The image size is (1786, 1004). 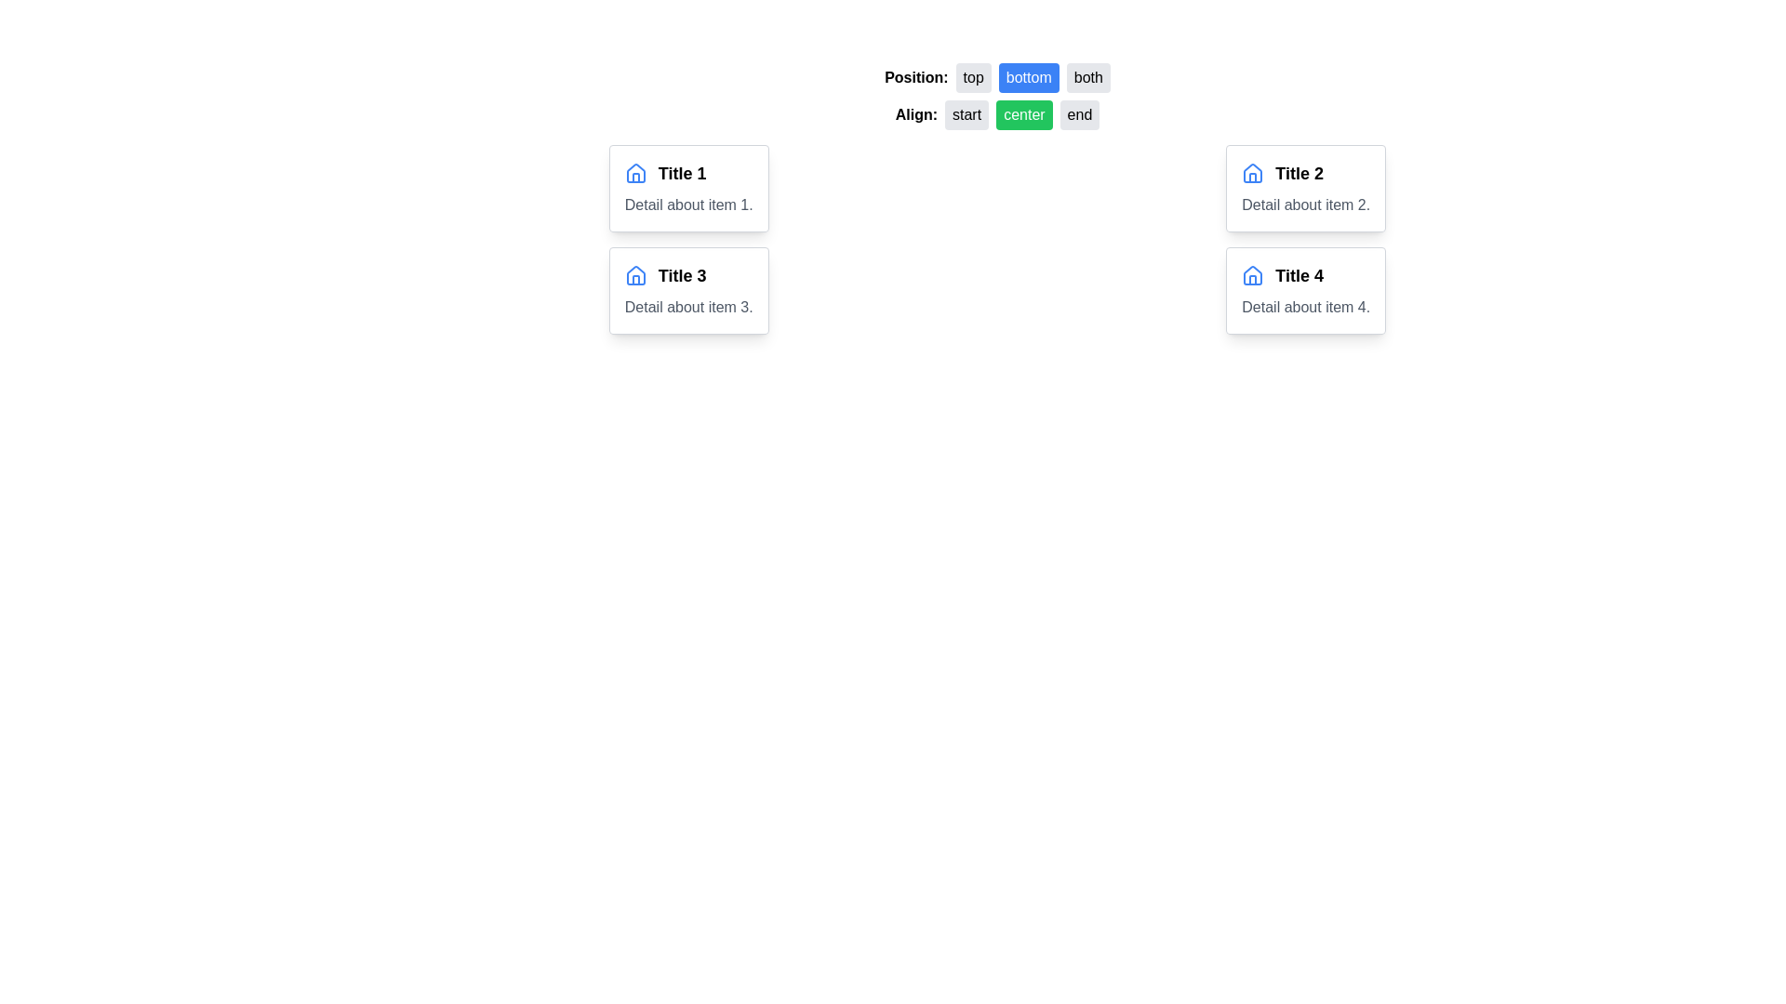 What do you see at coordinates (1299, 276) in the screenshot?
I see `the static text label that serves as the fourth title in a series, positioned in the second column and second row, located below 'Title 2' and adjacent to a house icon` at bounding box center [1299, 276].